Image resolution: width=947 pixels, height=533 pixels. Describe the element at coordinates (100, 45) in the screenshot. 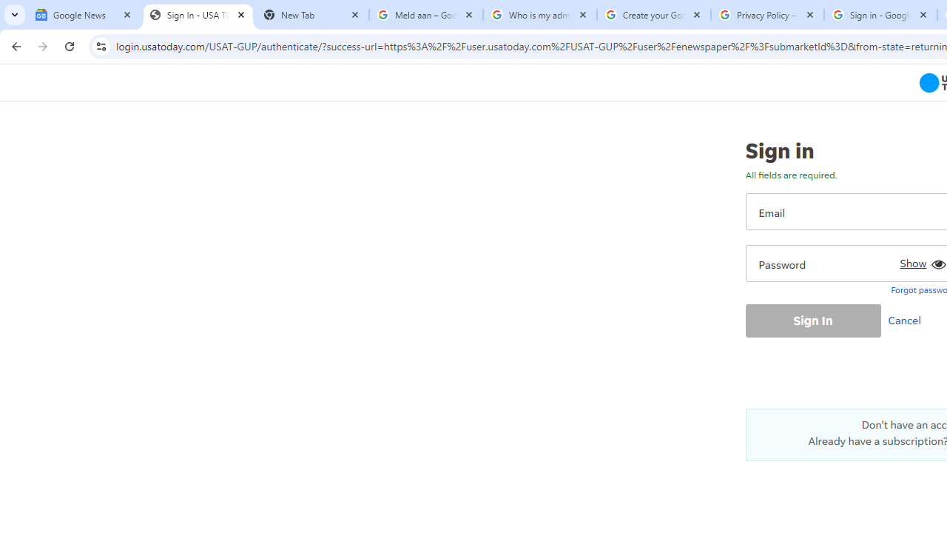

I see `'View site information'` at that location.